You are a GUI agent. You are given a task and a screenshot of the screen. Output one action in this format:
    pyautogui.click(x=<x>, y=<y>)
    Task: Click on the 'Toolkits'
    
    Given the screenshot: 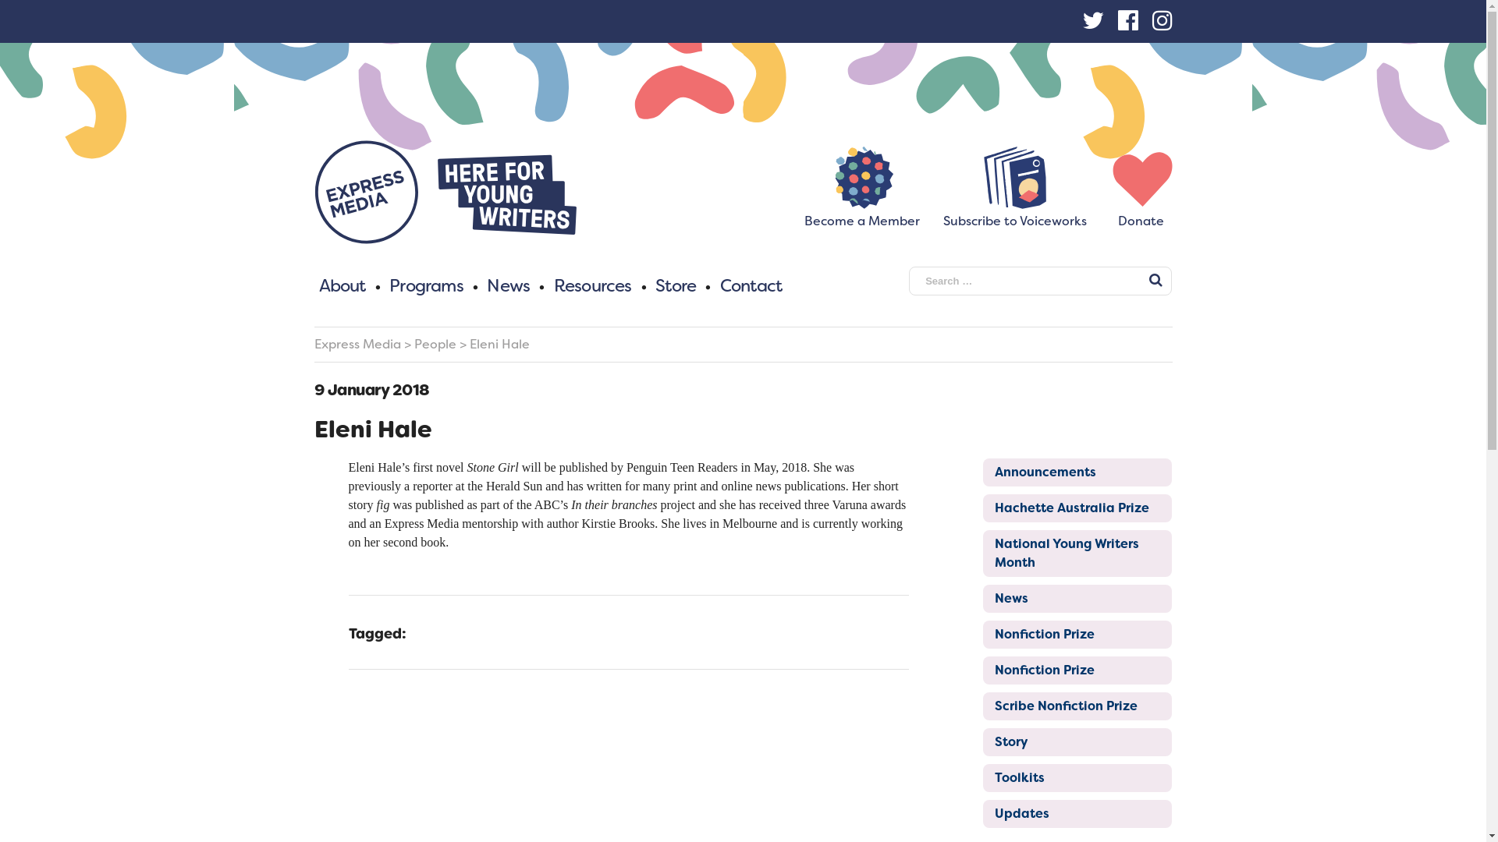 What is the action you would take?
    pyautogui.click(x=982, y=778)
    